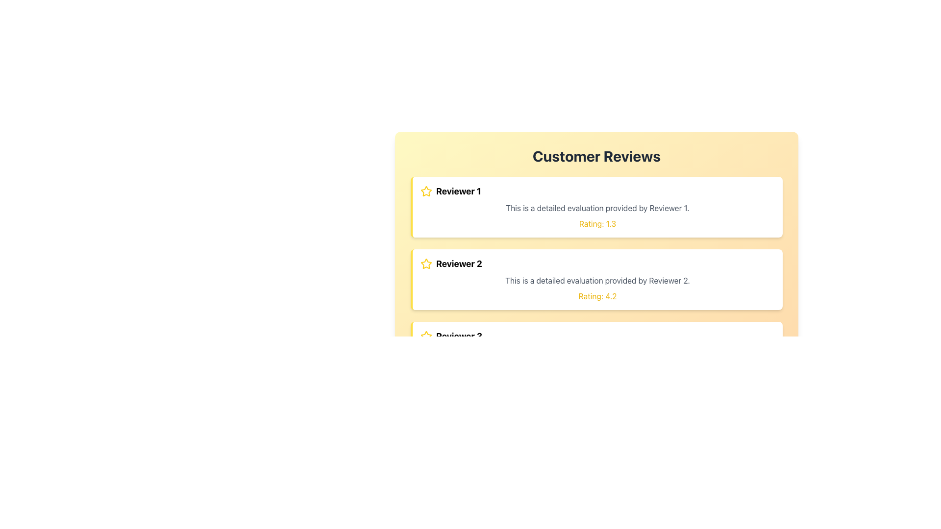 The image size is (941, 529). Describe the element at coordinates (597, 223) in the screenshot. I see `the Text Label displaying the numerical rating value of 1.3 from 'Reviewer 1', located below the evaluation description` at that location.